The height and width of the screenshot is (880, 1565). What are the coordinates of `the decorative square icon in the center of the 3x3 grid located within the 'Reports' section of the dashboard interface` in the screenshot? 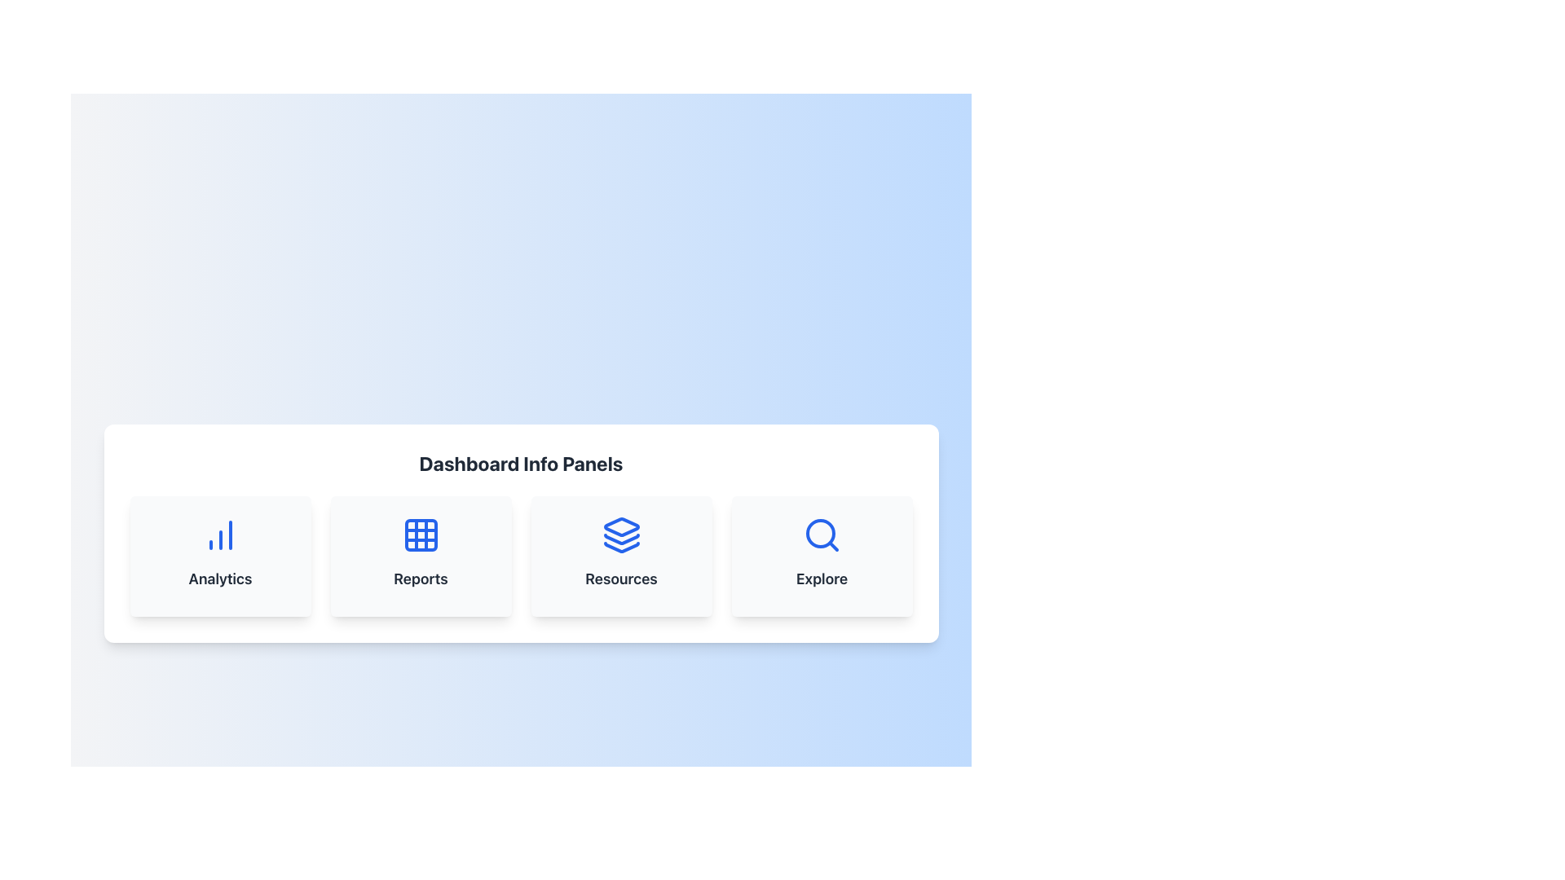 It's located at (421, 535).